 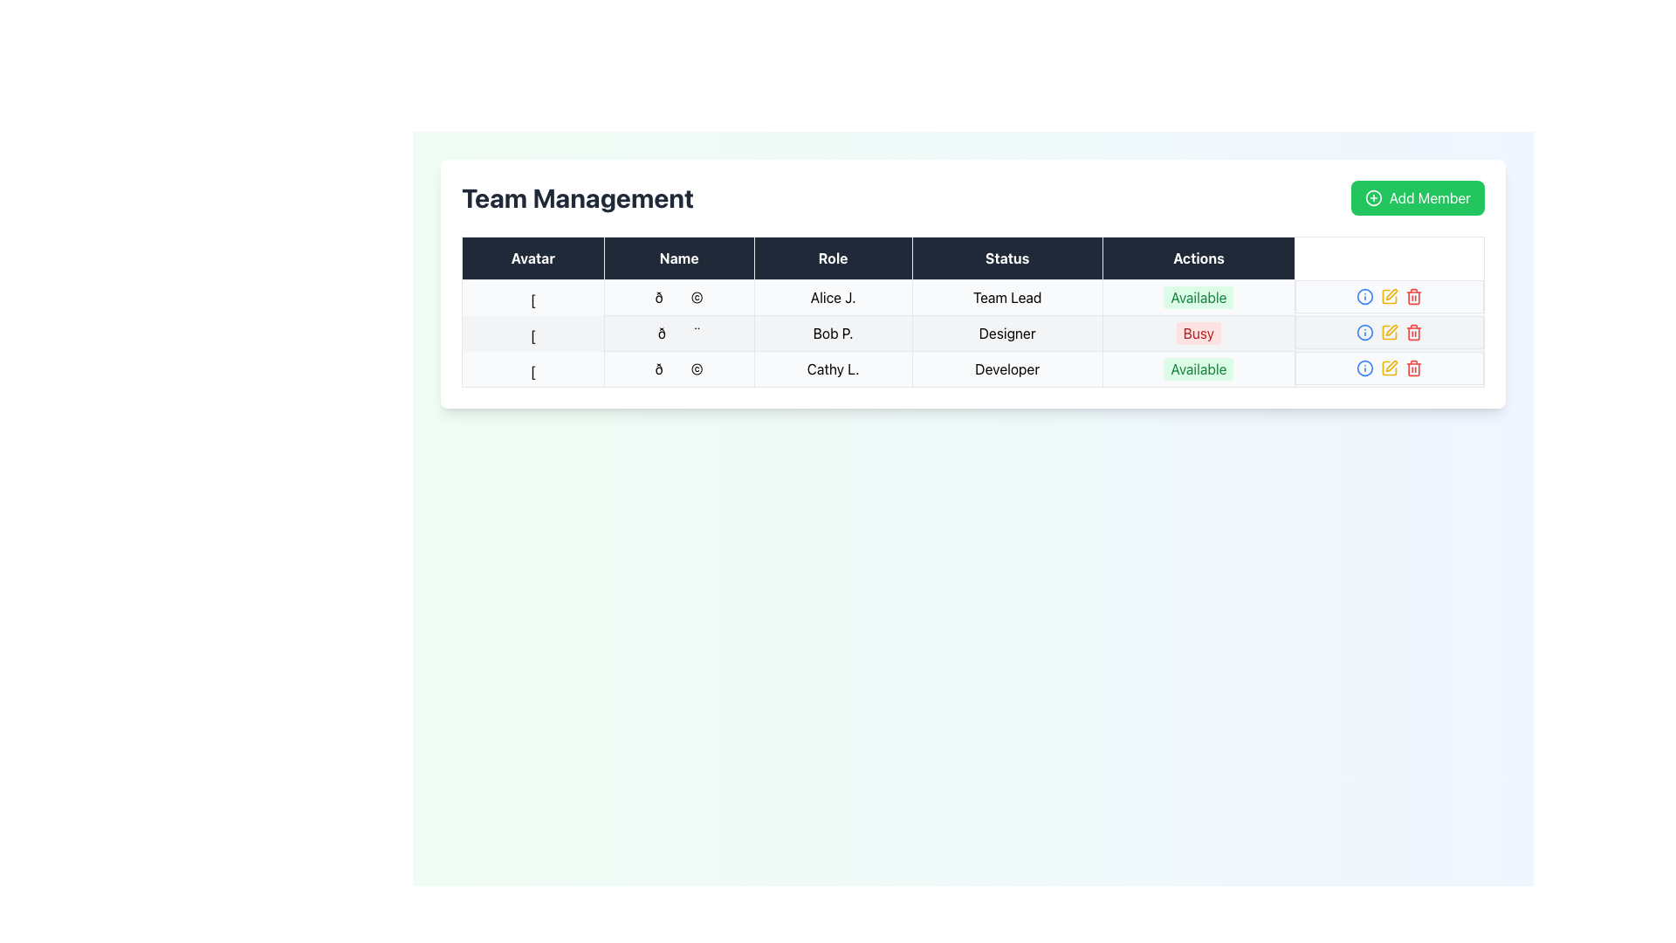 What do you see at coordinates (1389, 332) in the screenshot?
I see `the edit icon in the second row of the 'Actions' column associated with the 'Bob P.' entry` at bounding box center [1389, 332].